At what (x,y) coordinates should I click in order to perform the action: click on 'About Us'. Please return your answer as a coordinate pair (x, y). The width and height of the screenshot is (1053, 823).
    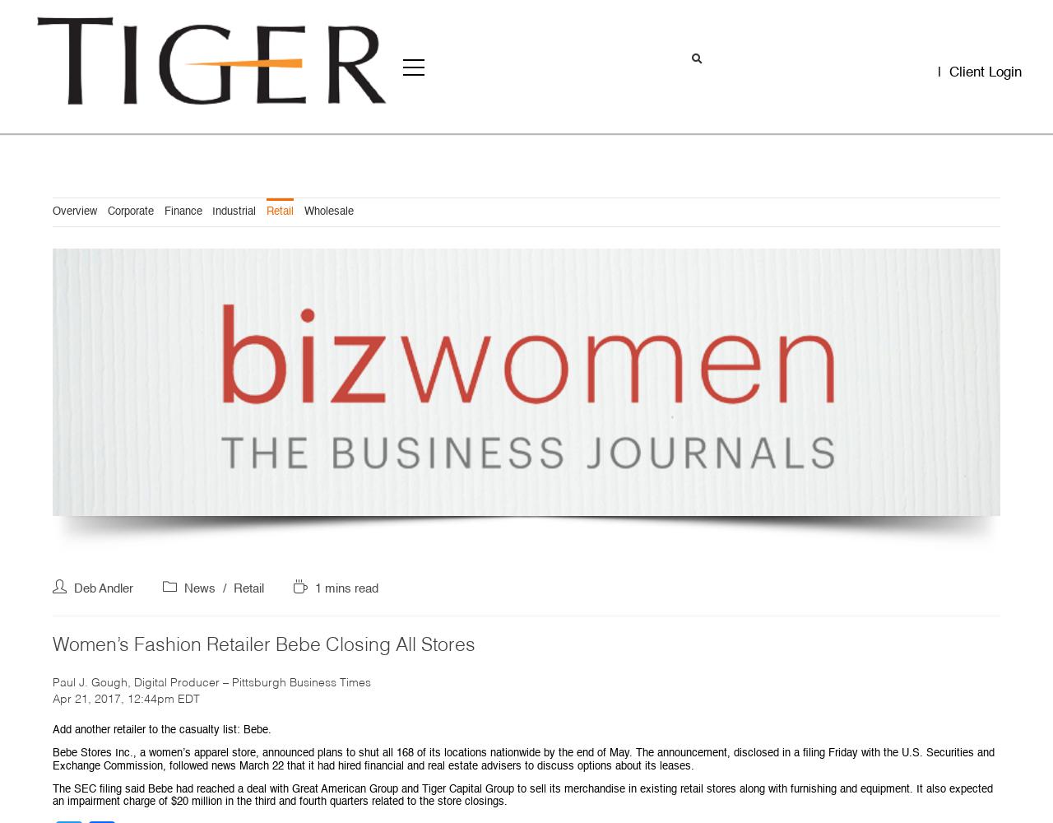
    Looking at the image, I should click on (146, 267).